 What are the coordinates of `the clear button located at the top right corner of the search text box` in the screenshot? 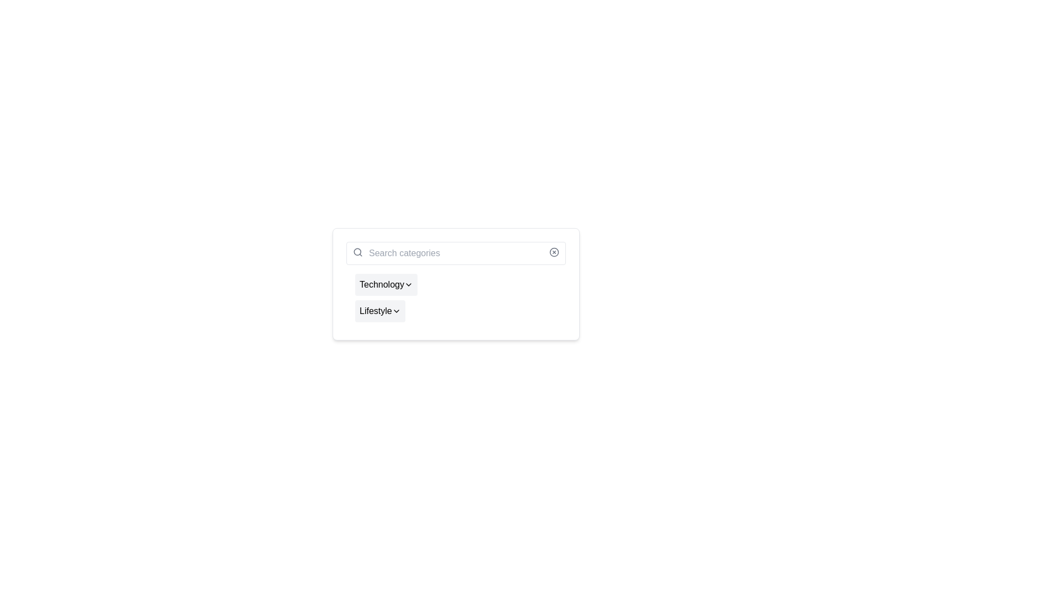 It's located at (554, 252).